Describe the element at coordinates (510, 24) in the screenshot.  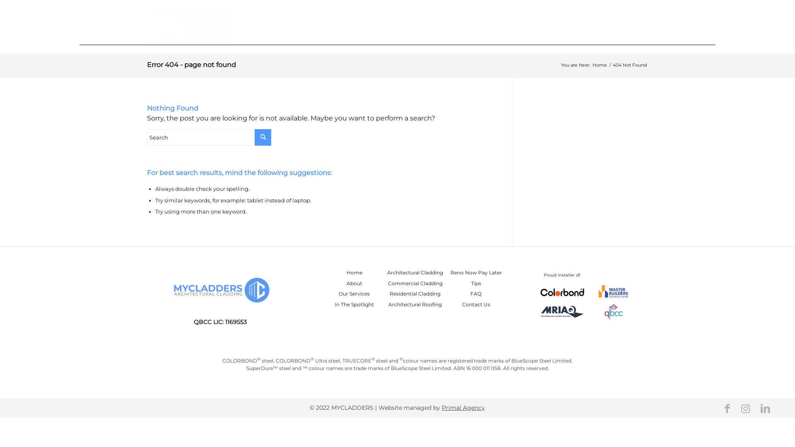
I see `'Gallery'` at that location.